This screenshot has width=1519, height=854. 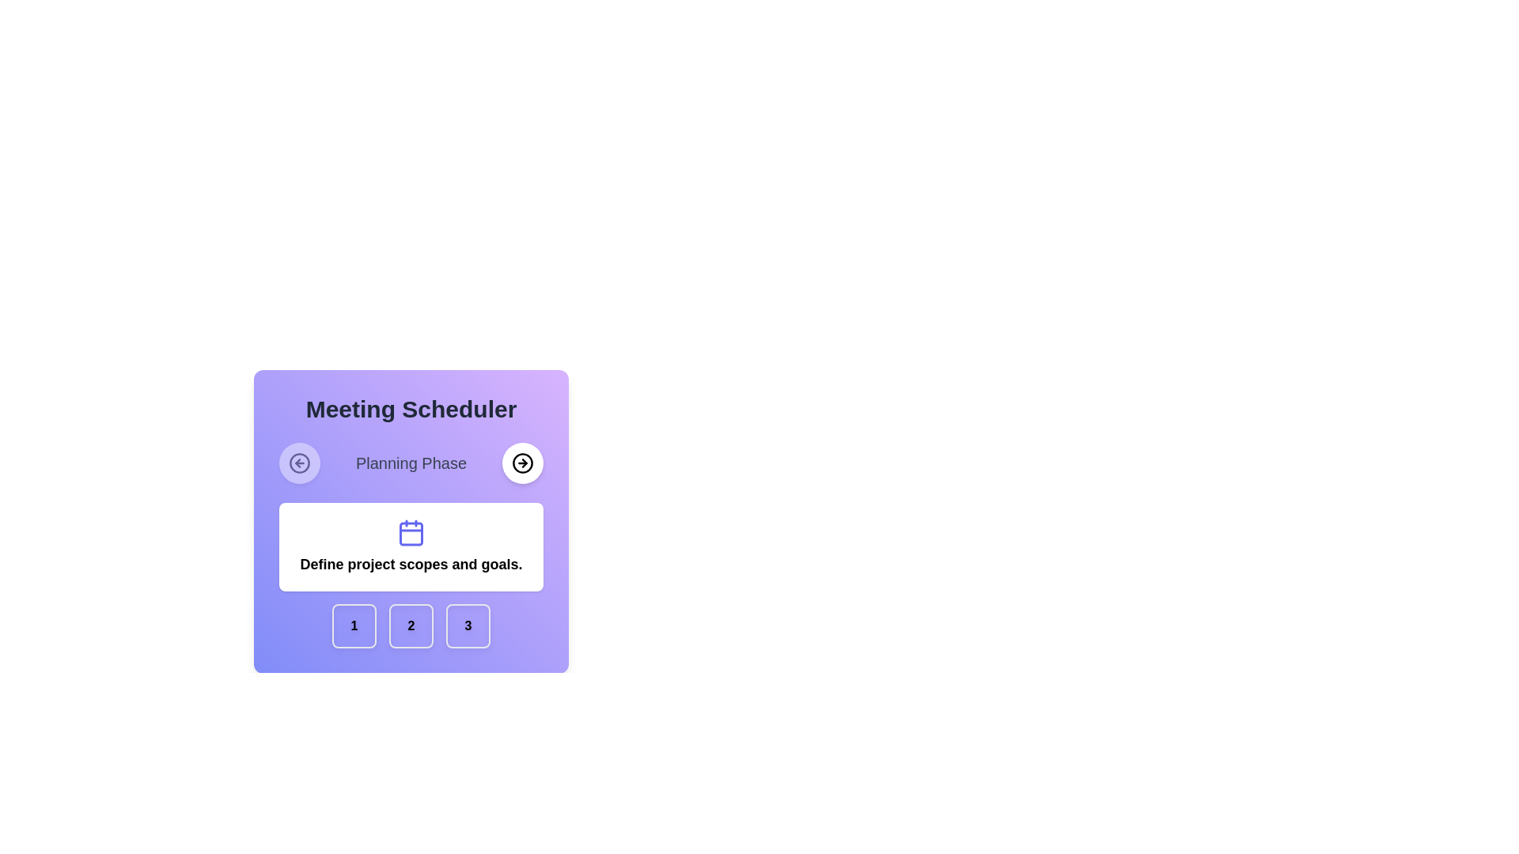 What do you see at coordinates (300, 463) in the screenshot?
I see `the leftmost circular button icon at the top of the 'Meeting Scheduler' card` at bounding box center [300, 463].